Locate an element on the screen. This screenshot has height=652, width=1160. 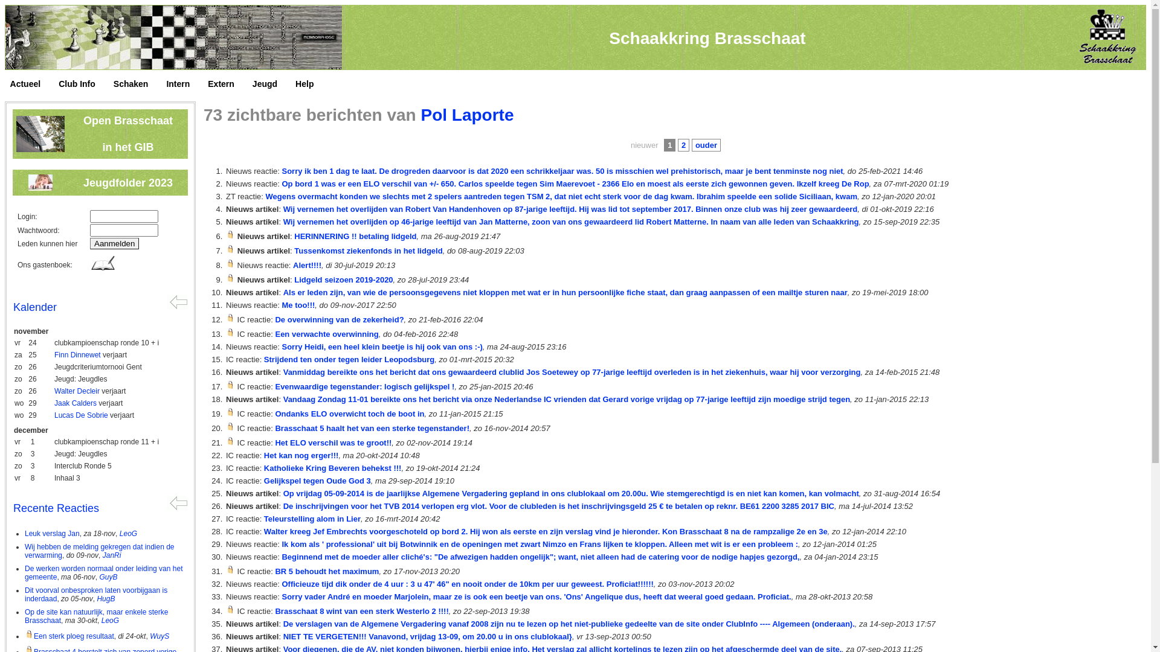
'Verberg de sidebar' is located at coordinates (176, 502).